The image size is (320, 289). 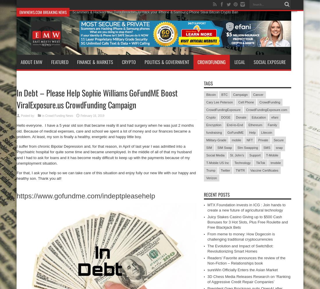 What do you see at coordinates (217, 163) in the screenshot?
I see `'T-Mobile US Inc'` at bounding box center [217, 163].